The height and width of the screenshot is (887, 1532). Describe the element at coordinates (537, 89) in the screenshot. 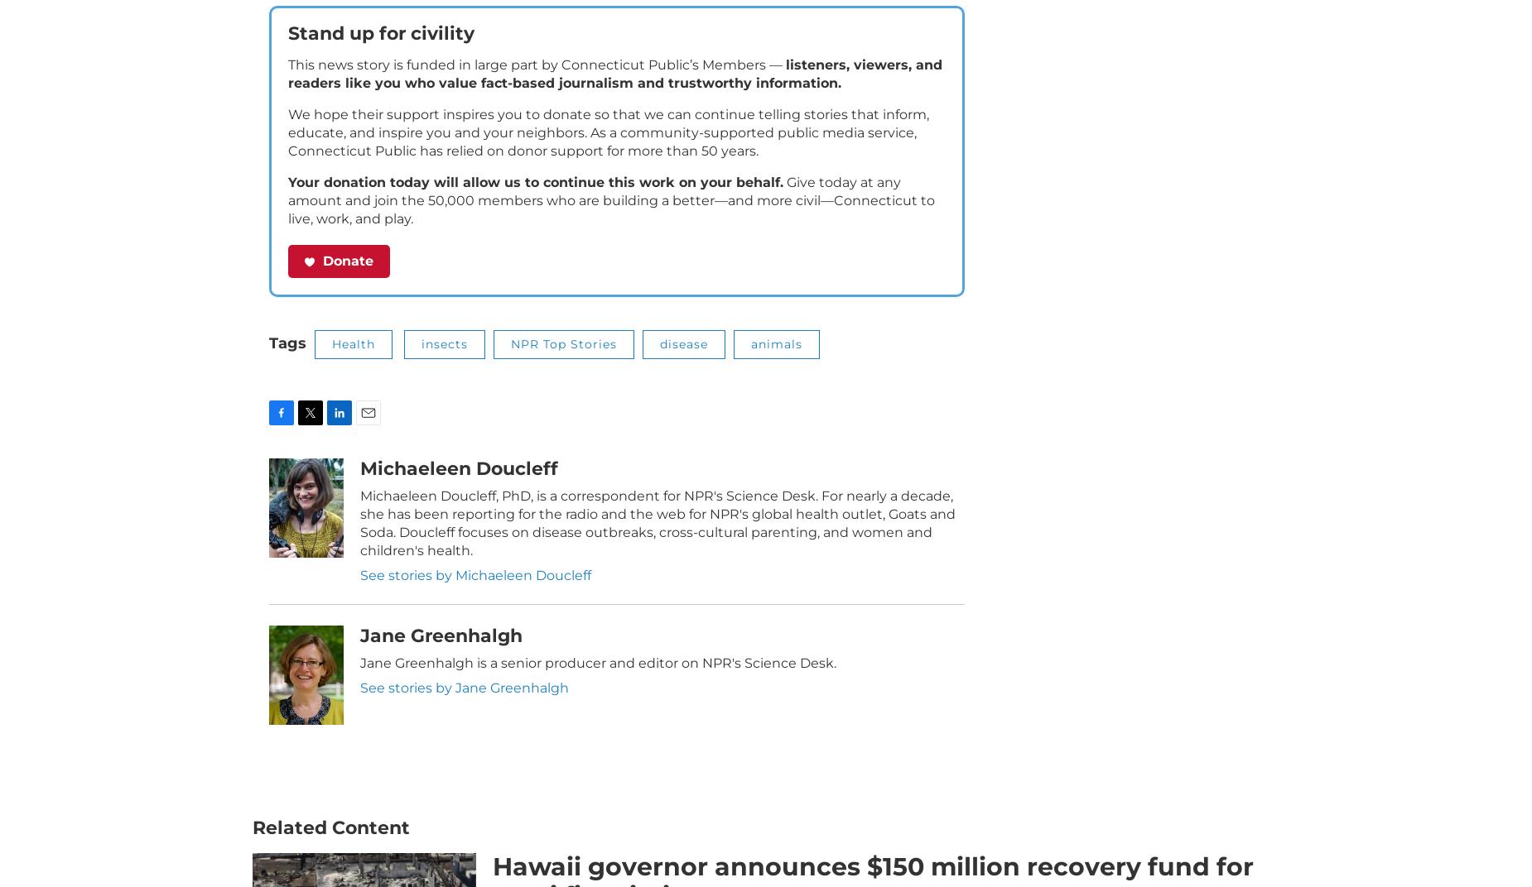

I see `'This news story is funded in large part by Connecticut Public’s Members —'` at that location.